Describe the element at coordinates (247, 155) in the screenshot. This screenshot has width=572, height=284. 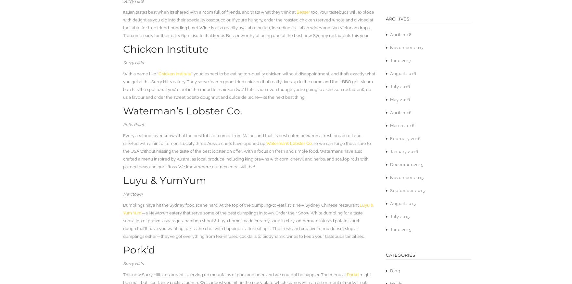
I see `'. so we can forgo the airfare to the USA without missing the taste of the best lobster on offer. With a focus on fresh and simple food, Waterman’s have also crafted a menu inspired by Australia’s local produce including king prawns with corn, chervil and herbs, and scallop rolls with pureed peas and pork floss. We know where our next meal will be!'` at that location.